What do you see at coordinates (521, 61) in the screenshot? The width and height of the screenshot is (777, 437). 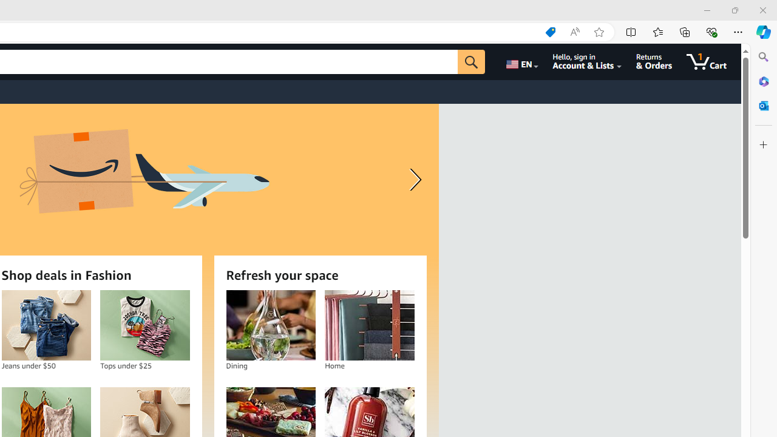 I see `'Choose a language for shopping.'` at bounding box center [521, 61].